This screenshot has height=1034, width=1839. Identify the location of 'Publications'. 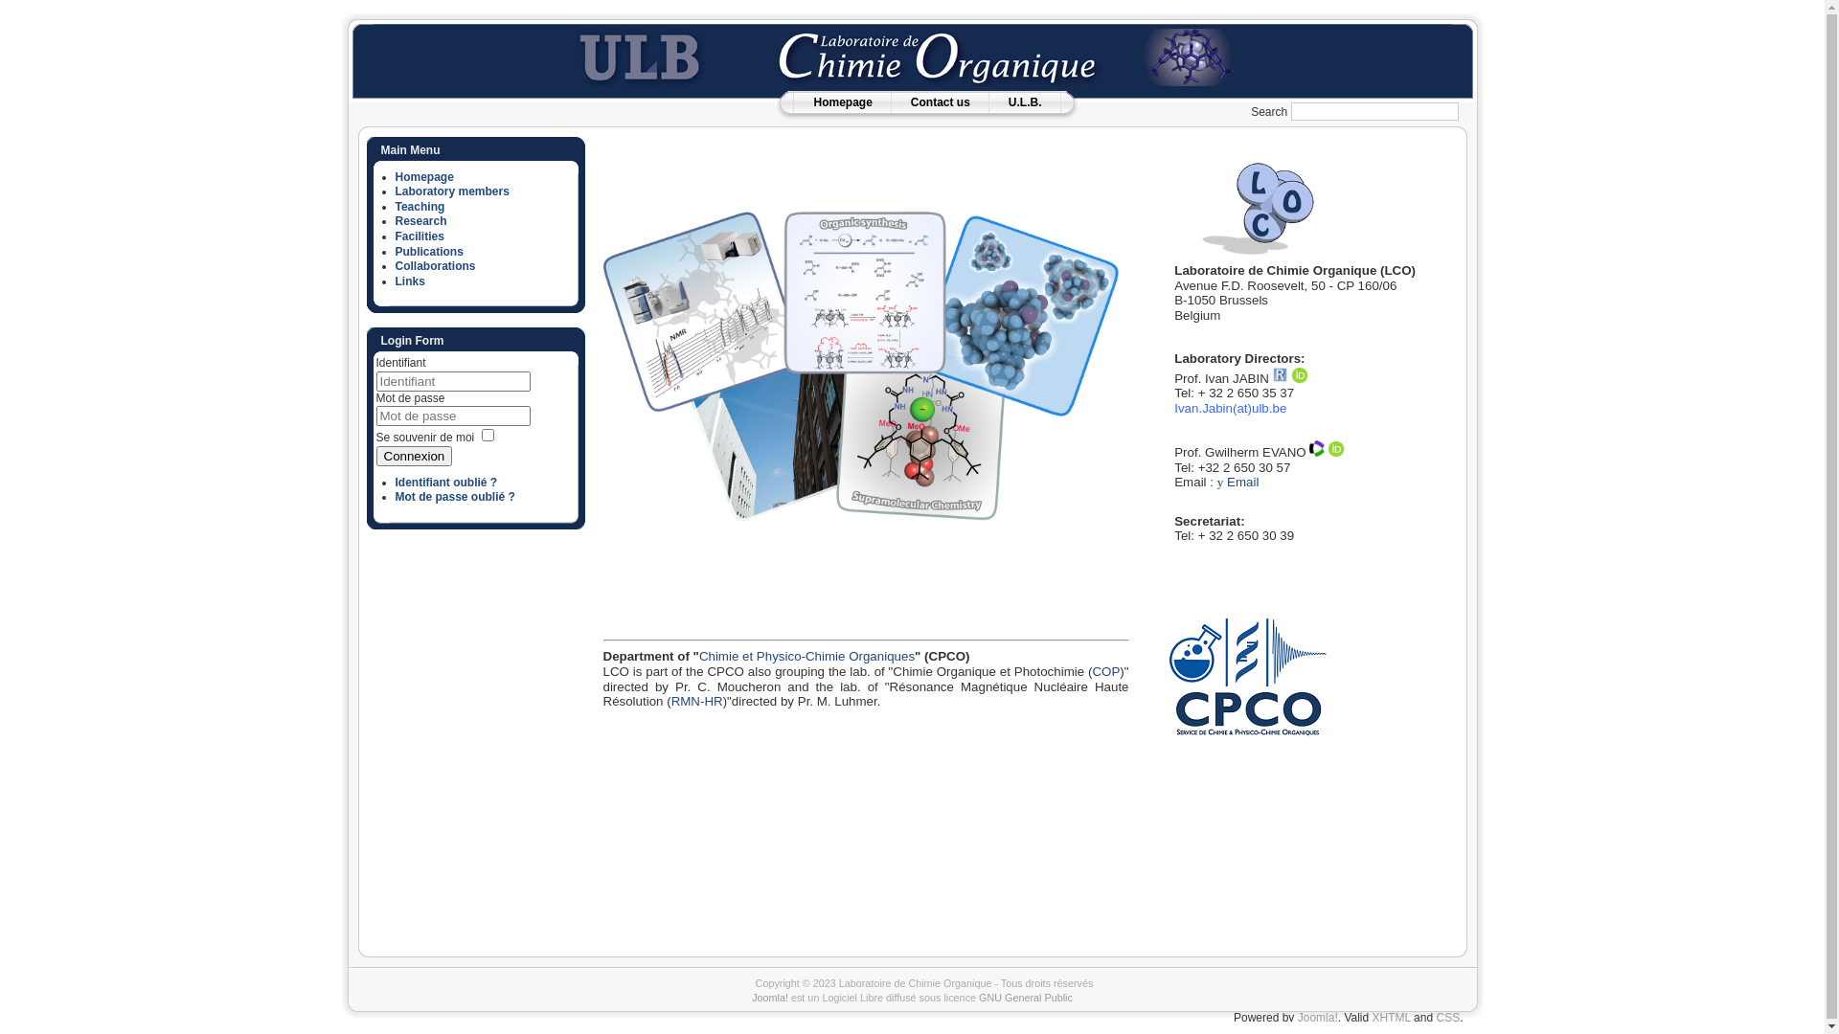
(427, 250).